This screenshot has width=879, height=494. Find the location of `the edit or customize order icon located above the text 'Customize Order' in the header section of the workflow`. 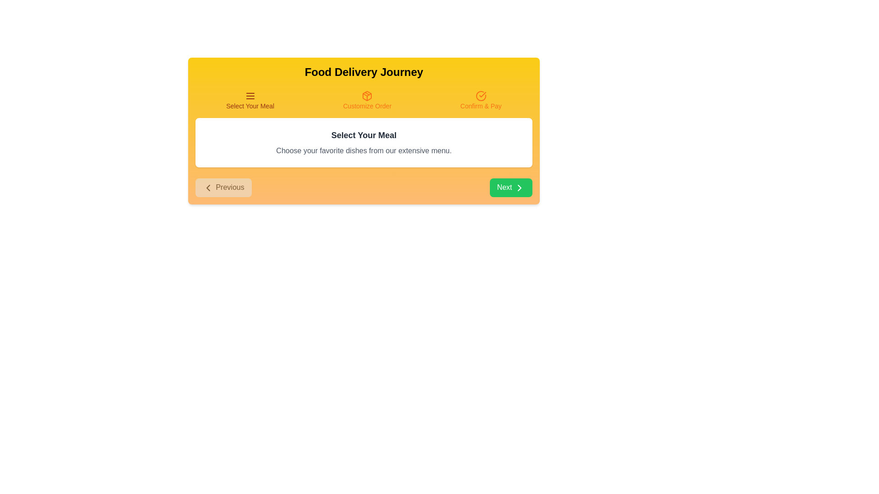

the edit or customize order icon located above the text 'Customize Order' in the header section of the workflow is located at coordinates (367, 96).